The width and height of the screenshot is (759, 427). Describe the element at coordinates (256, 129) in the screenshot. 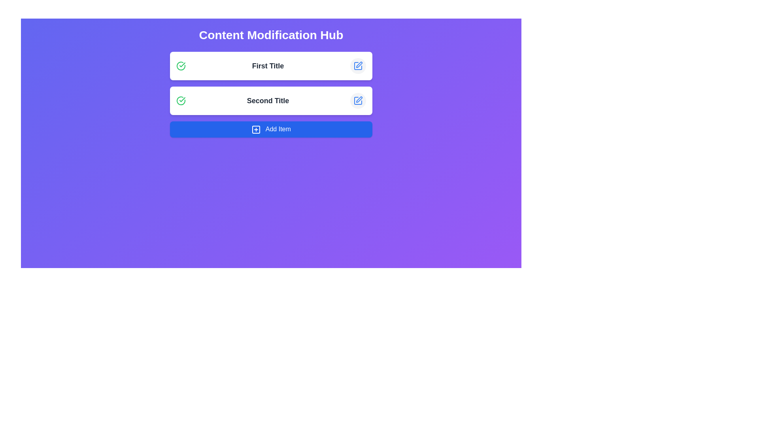

I see `the central square part of the '+ icon' within the 'Add Item' button` at that location.